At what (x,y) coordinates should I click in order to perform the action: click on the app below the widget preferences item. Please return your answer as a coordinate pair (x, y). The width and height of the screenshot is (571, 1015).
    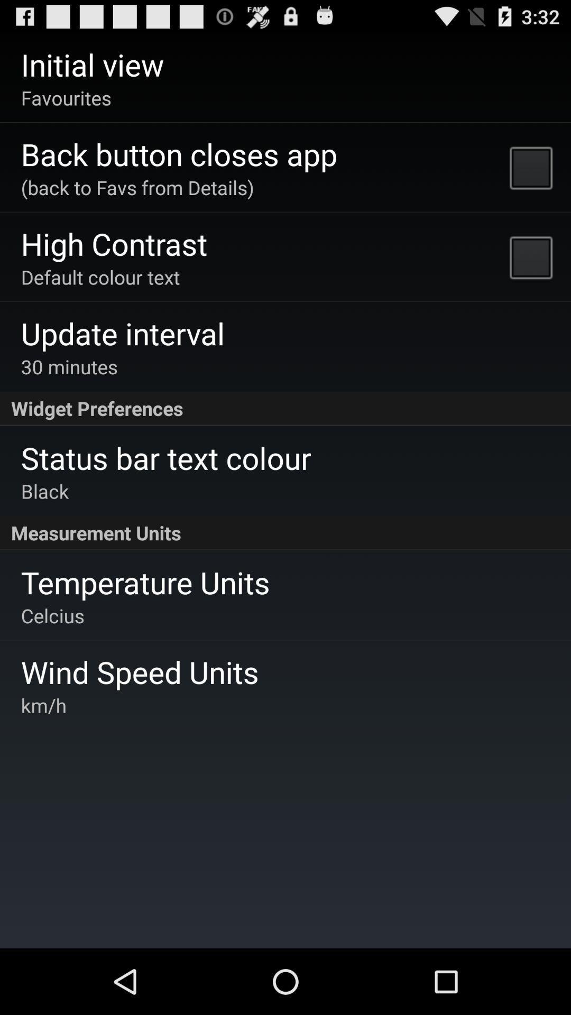
    Looking at the image, I should click on (166, 457).